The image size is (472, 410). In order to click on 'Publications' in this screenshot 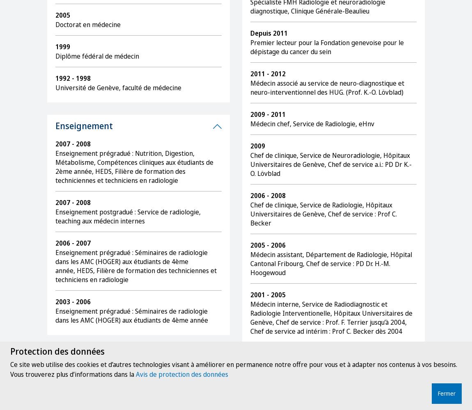, I will do `click(80, 358)`.